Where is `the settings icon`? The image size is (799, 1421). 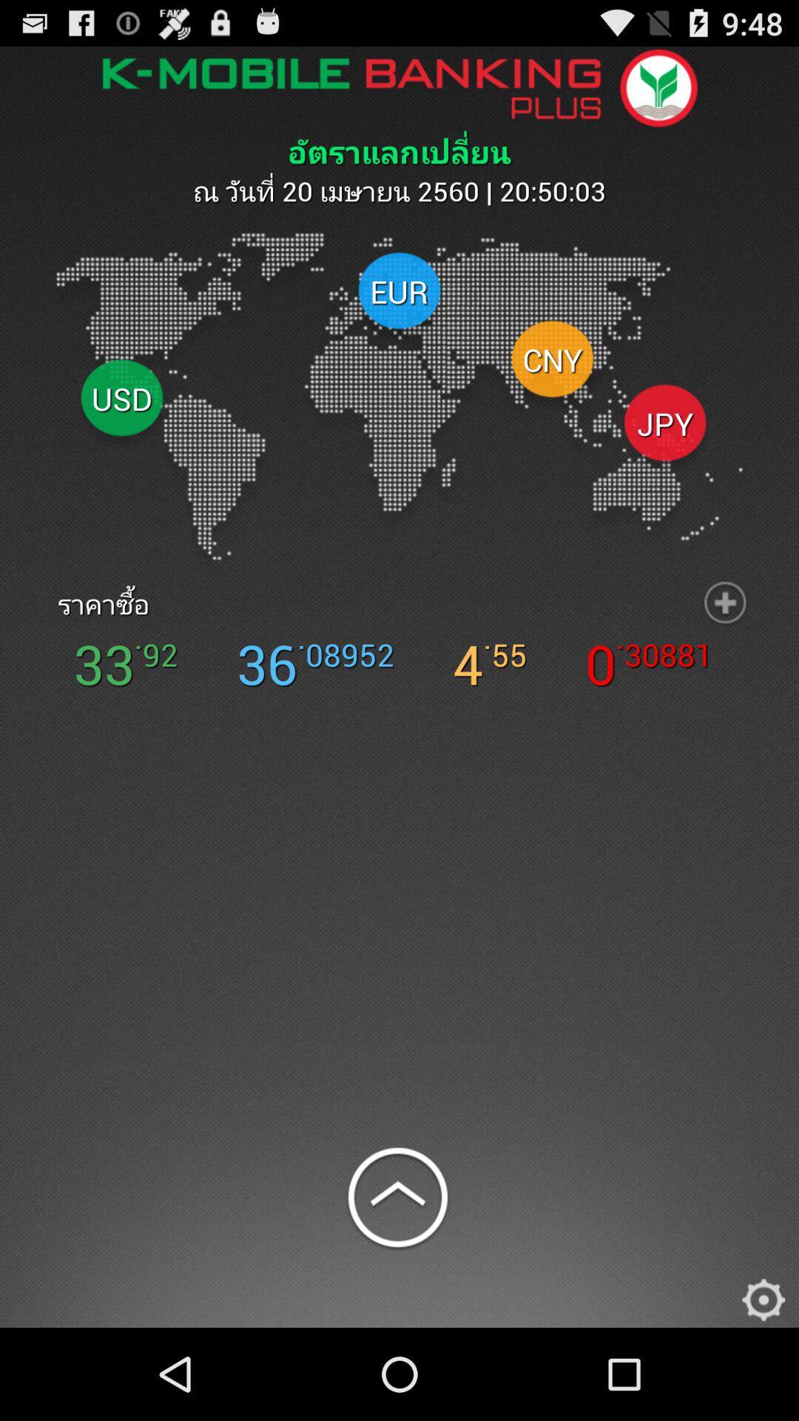 the settings icon is located at coordinates (763, 1386).